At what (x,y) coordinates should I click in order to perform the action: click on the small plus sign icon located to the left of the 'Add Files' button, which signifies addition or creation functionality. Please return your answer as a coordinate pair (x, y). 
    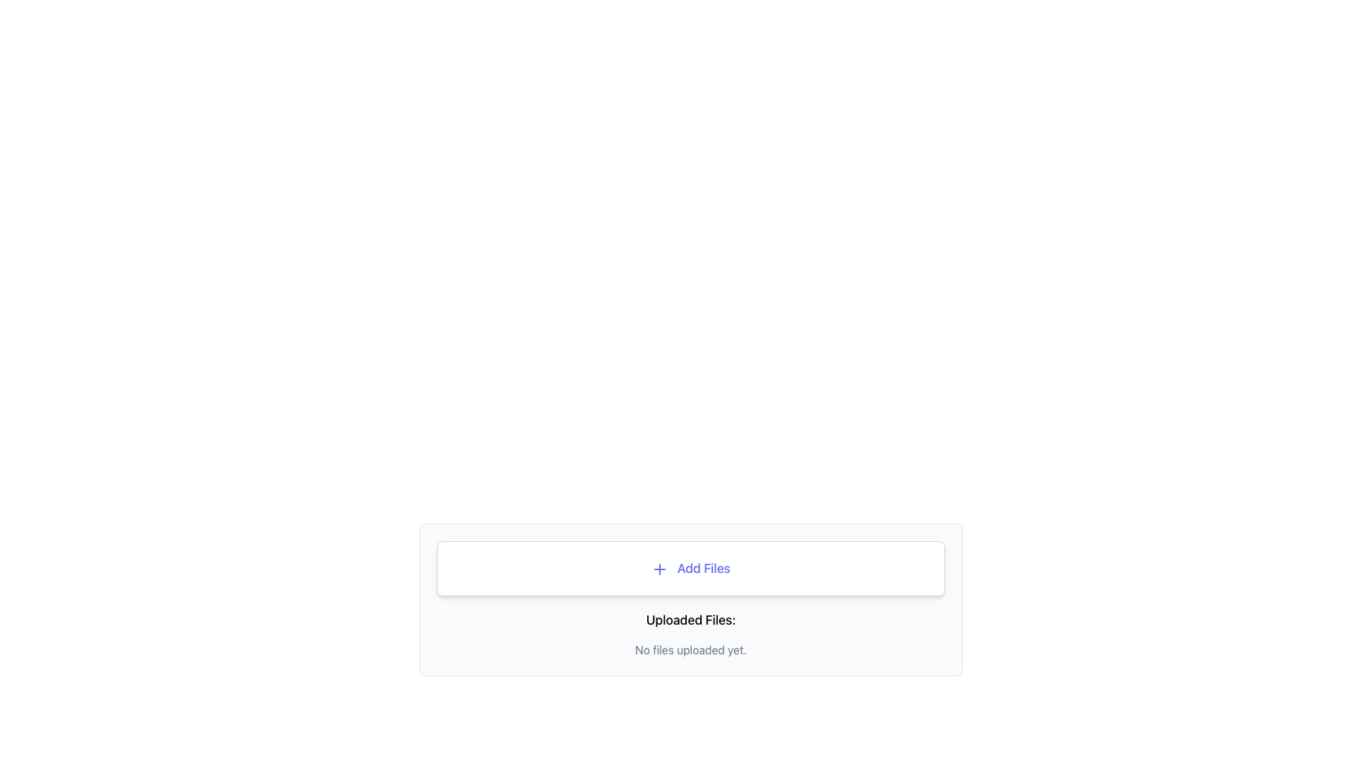
    Looking at the image, I should click on (659, 569).